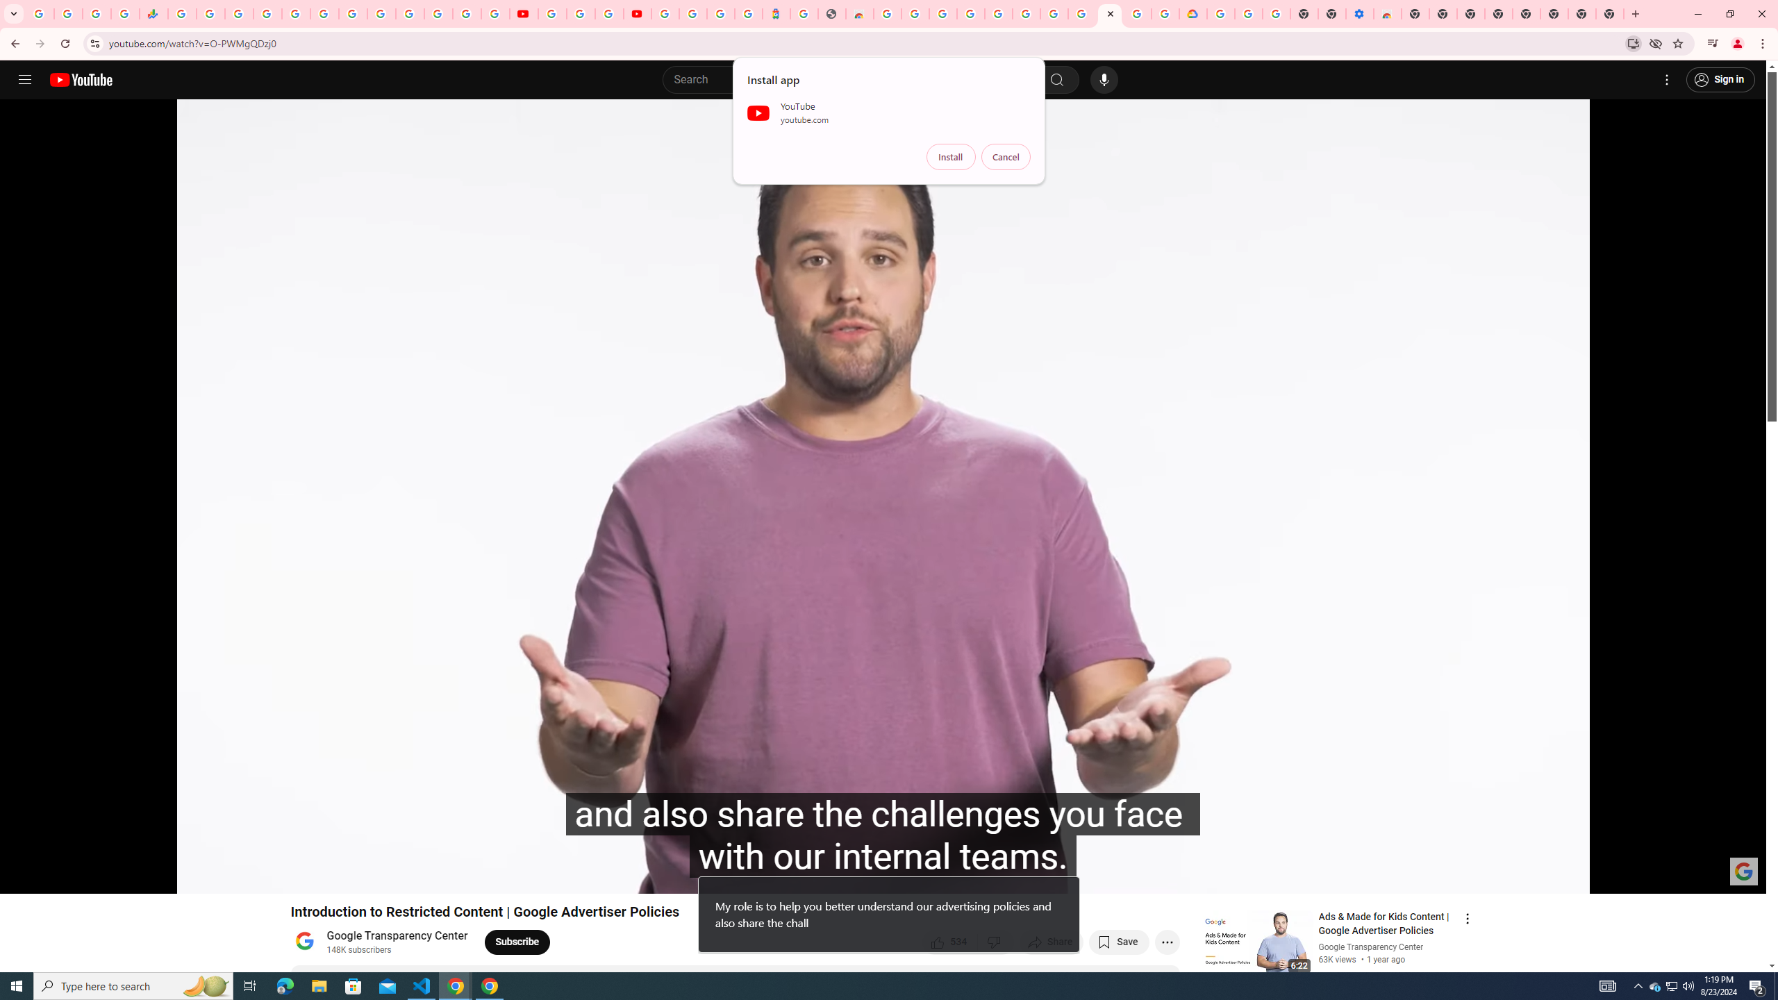 This screenshot has width=1778, height=1000. What do you see at coordinates (1165, 13) in the screenshot?
I see `'Browse the Google Chrome Community - Google Chrome Community'` at bounding box center [1165, 13].